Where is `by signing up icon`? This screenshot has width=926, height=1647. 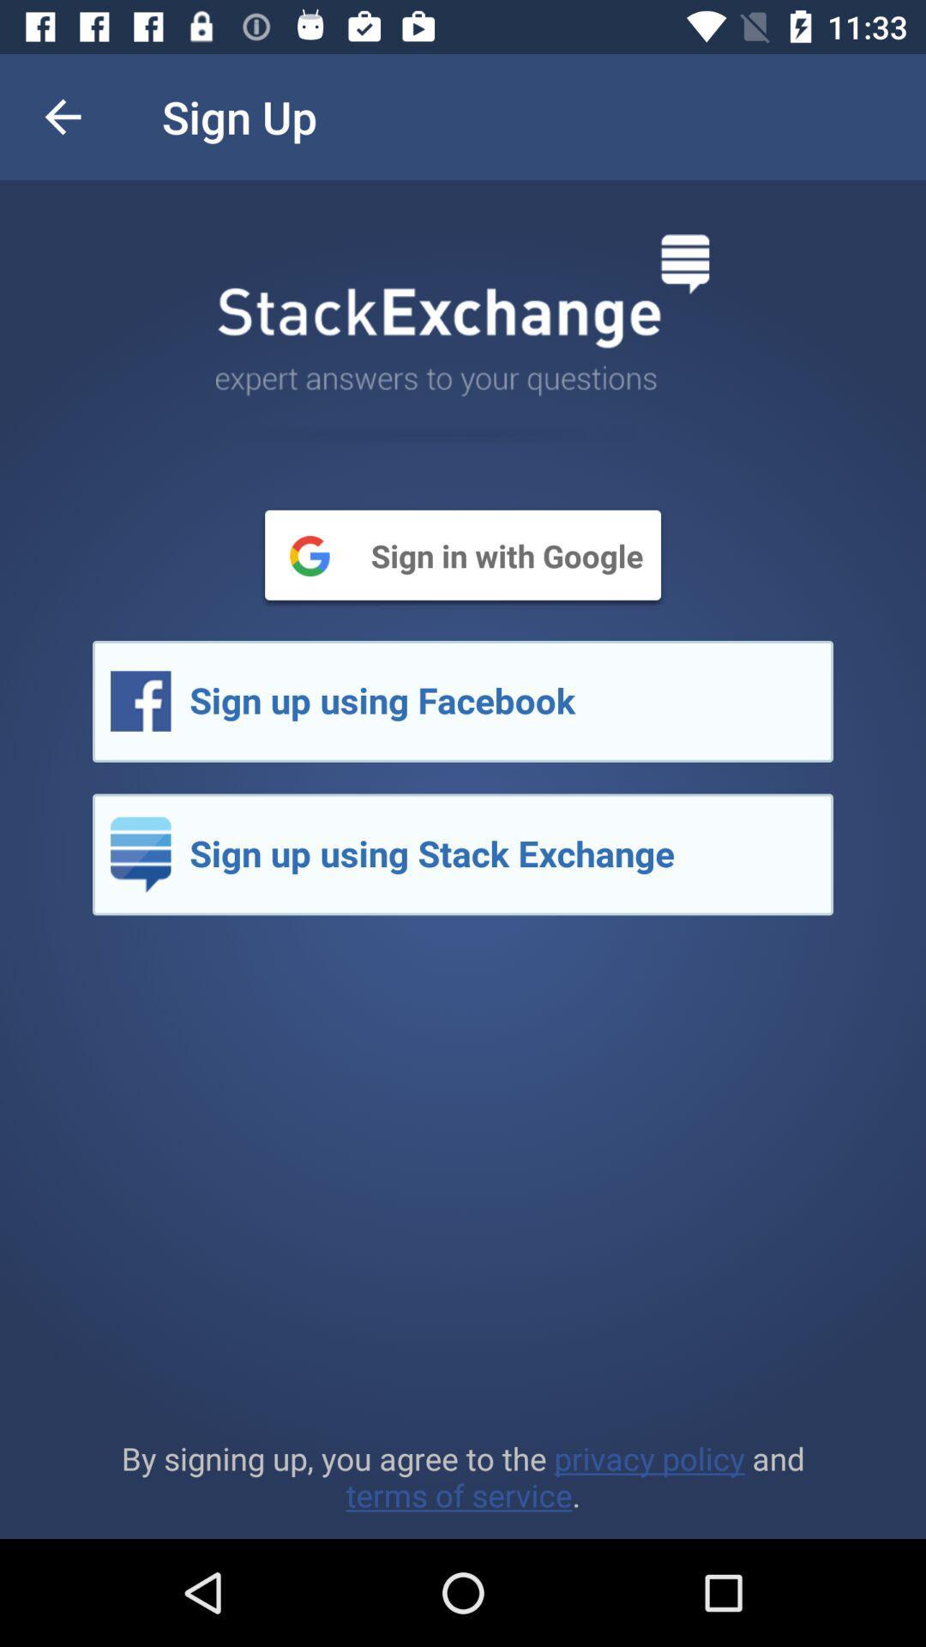 by signing up icon is located at coordinates (463, 1475).